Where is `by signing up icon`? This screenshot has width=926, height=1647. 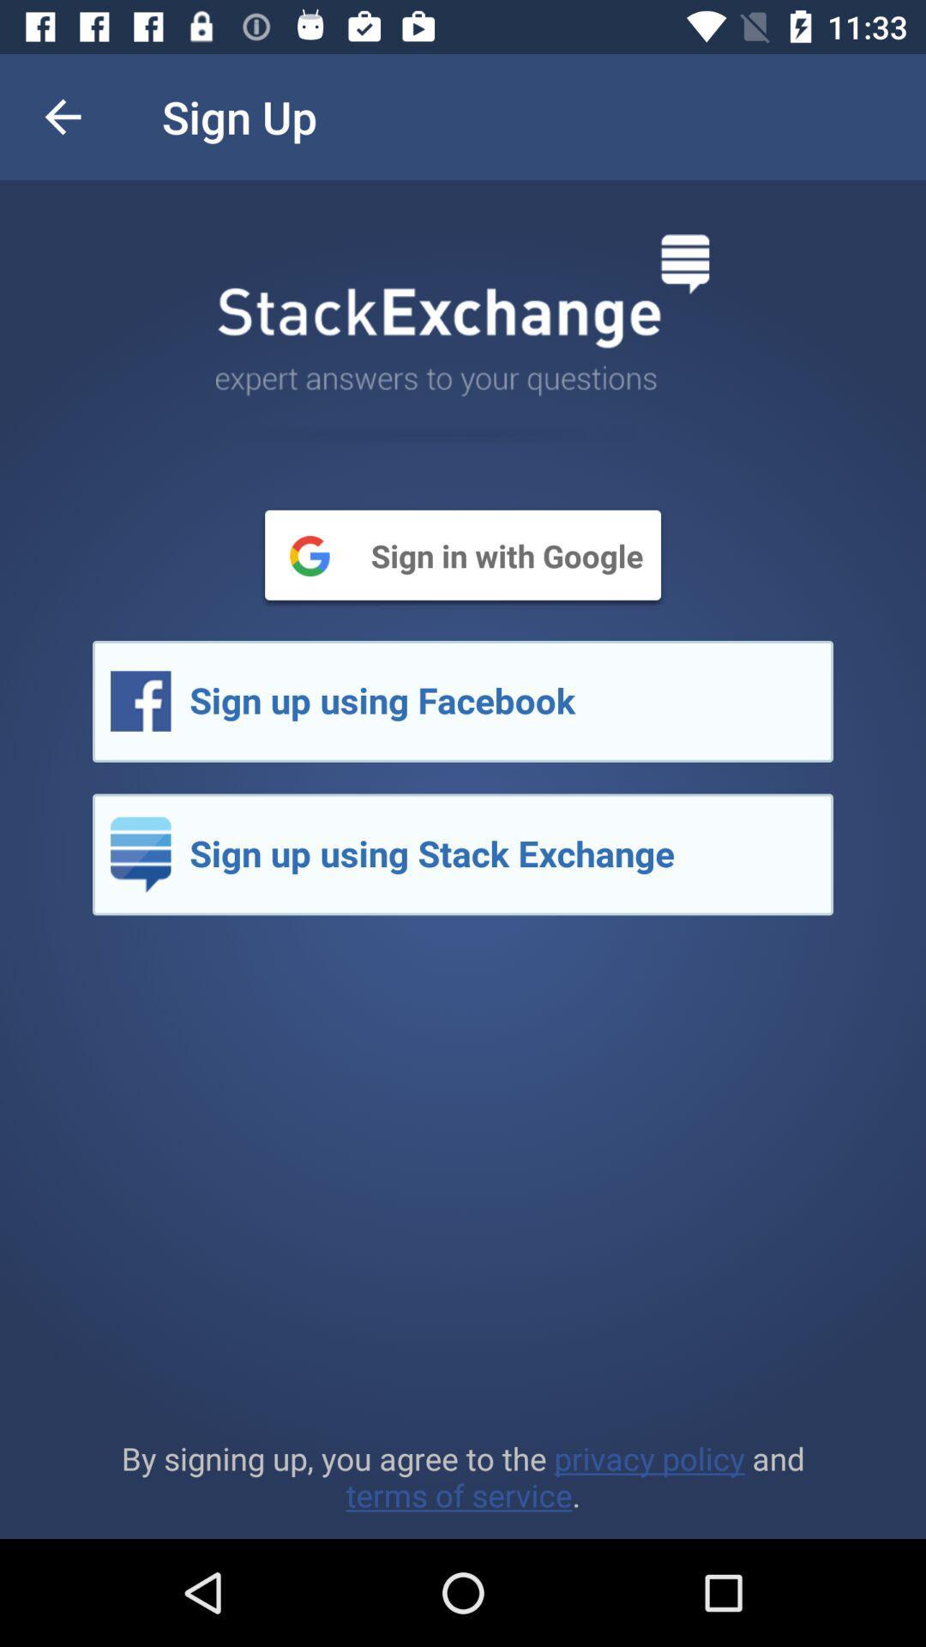 by signing up icon is located at coordinates (463, 1475).